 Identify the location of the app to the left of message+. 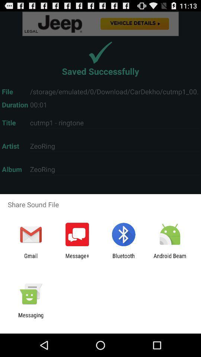
(31, 259).